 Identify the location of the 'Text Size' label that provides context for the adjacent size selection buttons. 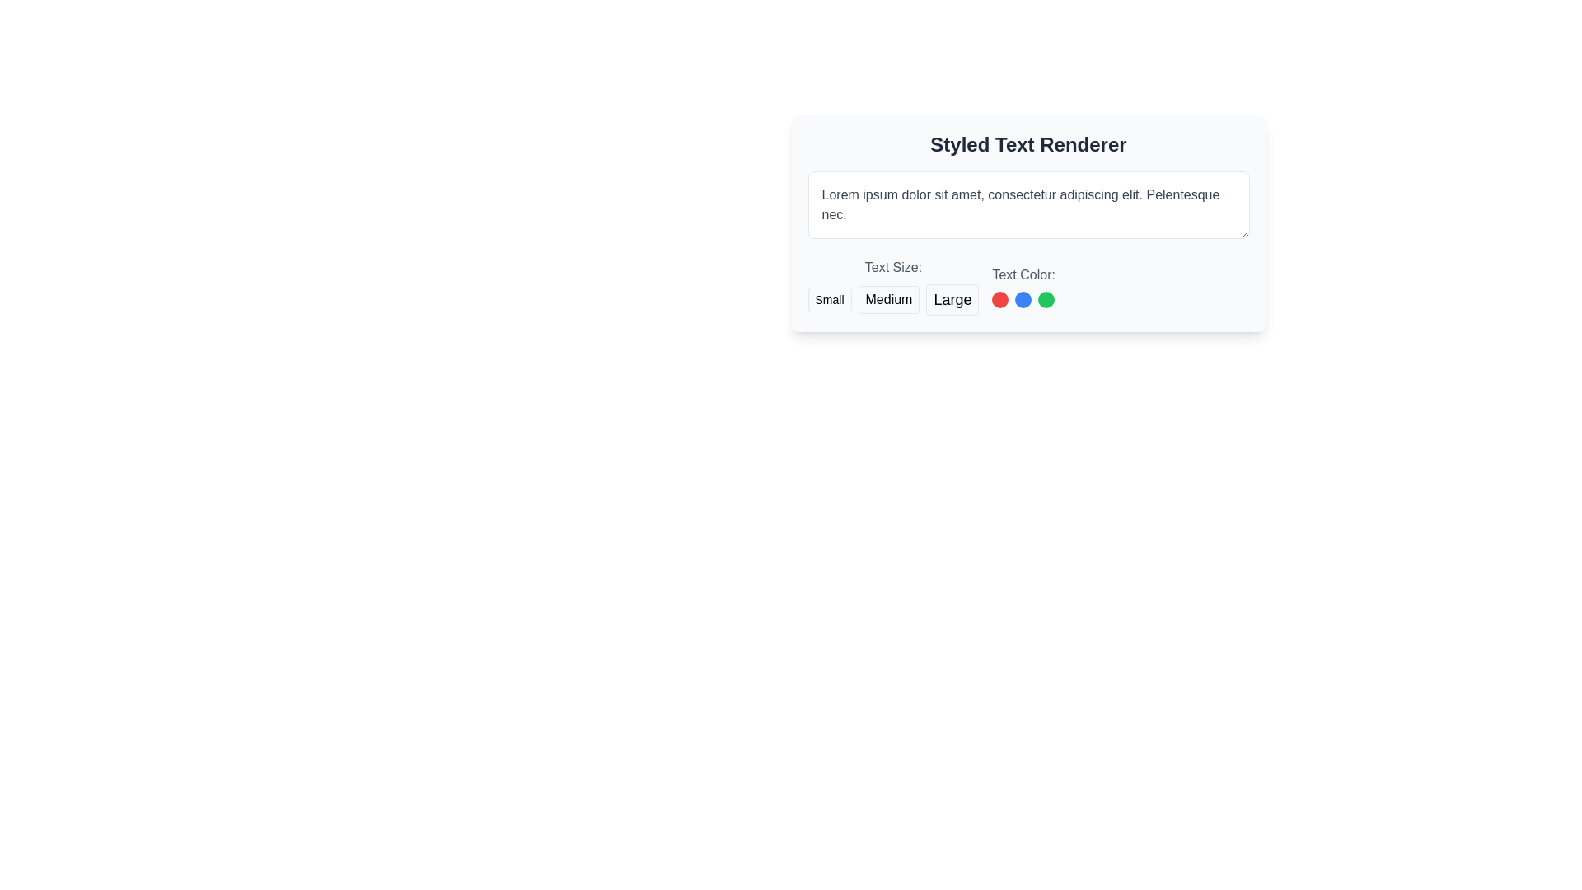
(892, 266).